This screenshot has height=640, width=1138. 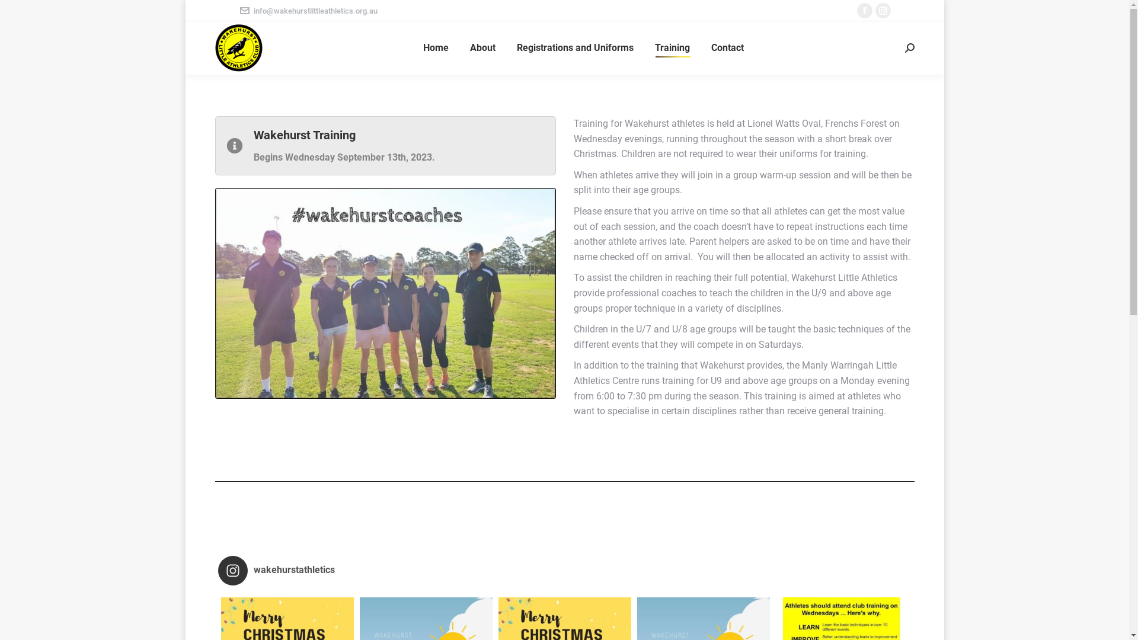 I want to click on 'Facebook page opens in new window', so click(x=865, y=11).